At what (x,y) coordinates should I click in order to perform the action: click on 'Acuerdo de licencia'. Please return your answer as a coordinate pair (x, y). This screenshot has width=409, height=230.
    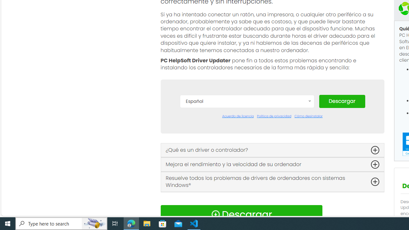
    Looking at the image, I should click on (237, 116).